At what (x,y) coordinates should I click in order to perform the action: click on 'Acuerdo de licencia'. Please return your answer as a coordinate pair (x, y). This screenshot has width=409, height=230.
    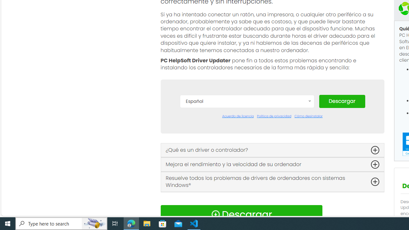
    Looking at the image, I should click on (237, 116).